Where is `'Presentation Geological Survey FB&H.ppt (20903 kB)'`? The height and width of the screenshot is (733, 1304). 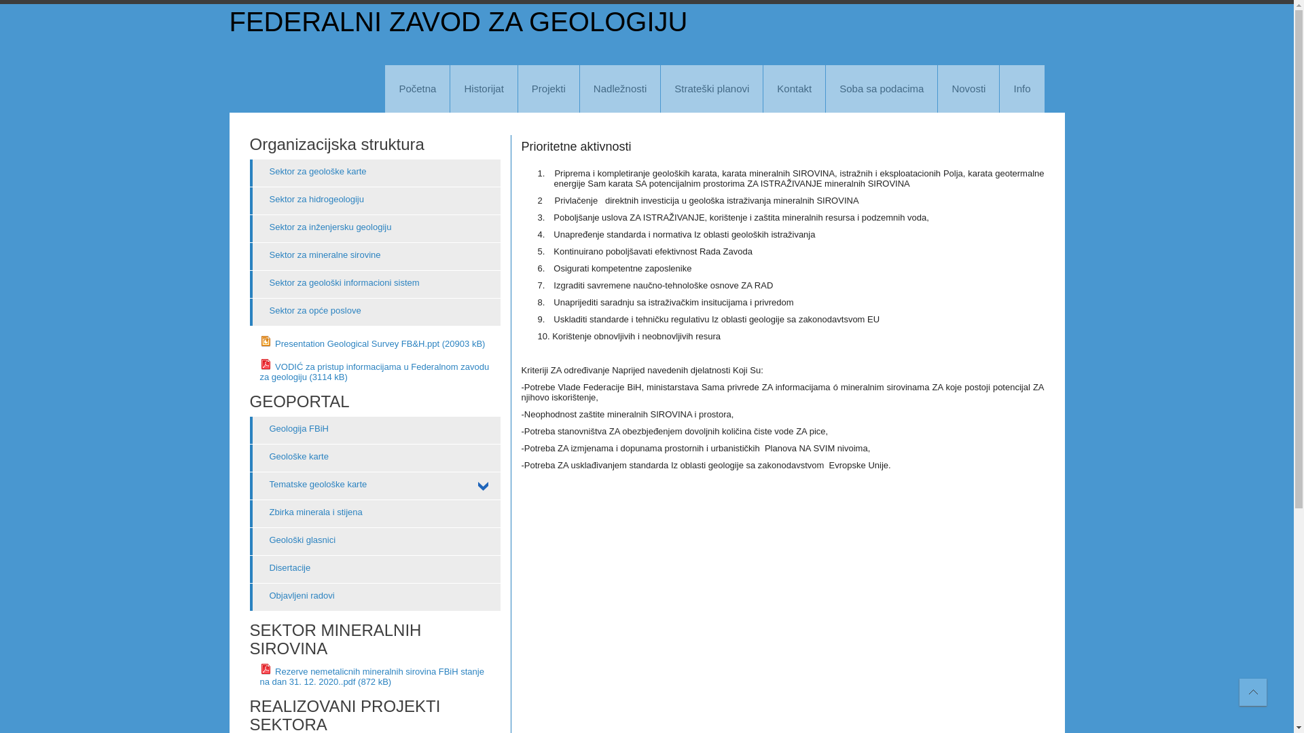 'Presentation Geological Survey FB&H.ppt (20903 kB)' is located at coordinates (372, 343).